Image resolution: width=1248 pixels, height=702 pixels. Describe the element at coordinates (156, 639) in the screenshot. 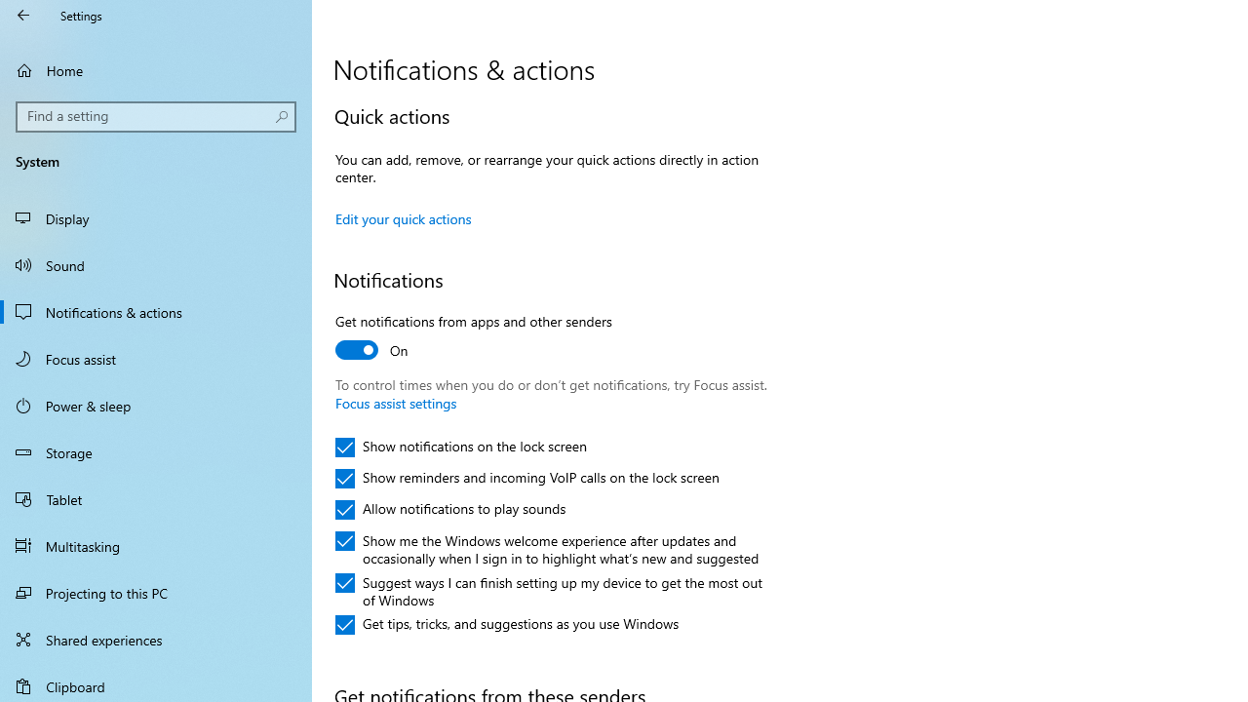

I see `'Shared experiences'` at that location.